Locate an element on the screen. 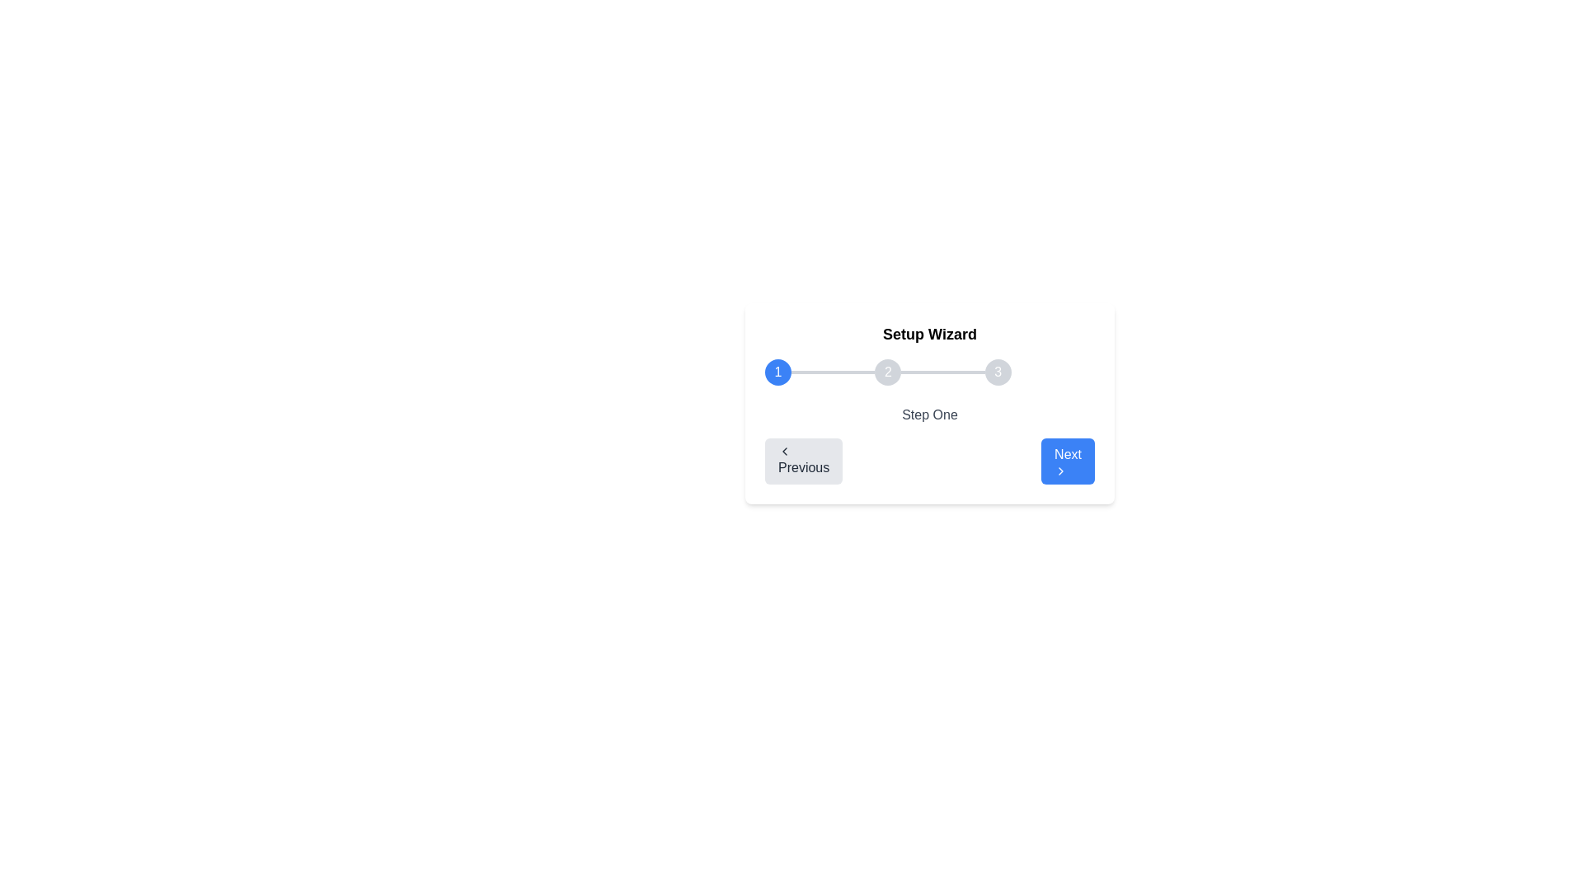 The image size is (1583, 890). second step indicator of the multi-step progress bar, which visually highlights the current progress in the wizard is located at coordinates (930, 372).